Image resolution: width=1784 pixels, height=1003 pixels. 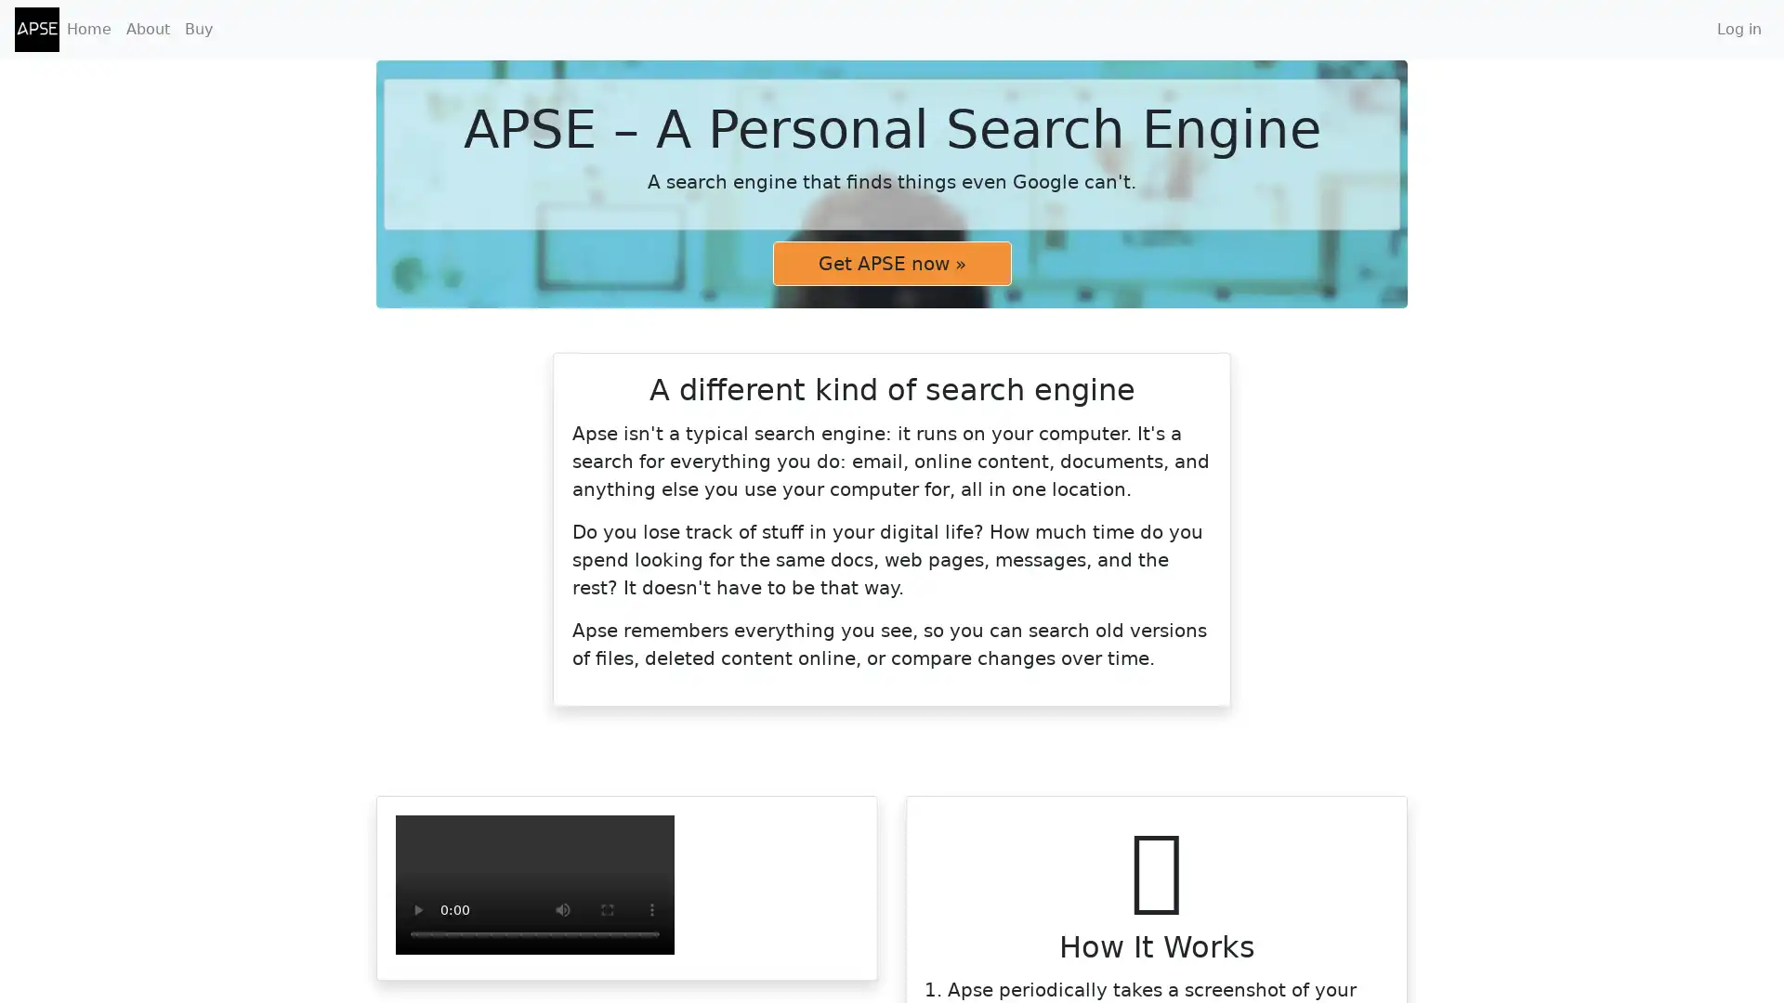 I want to click on show more media controls, so click(x=651, y=908).